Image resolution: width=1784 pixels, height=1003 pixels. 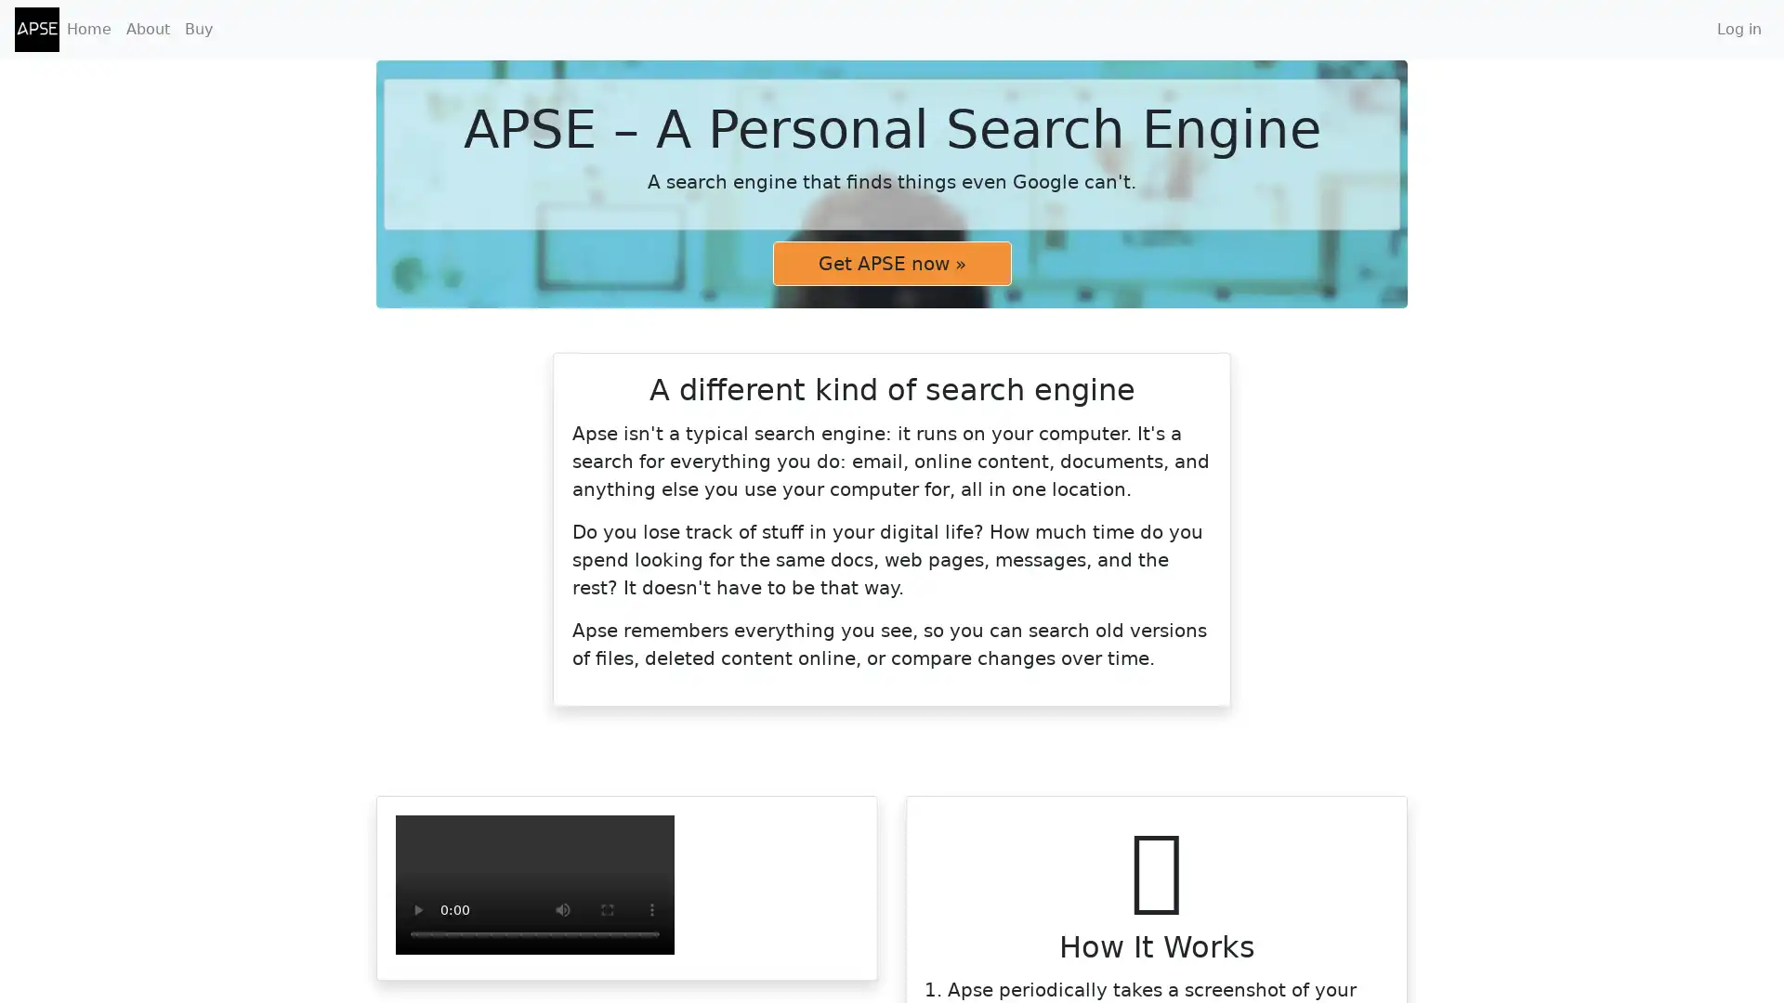 I want to click on show more media controls, so click(x=651, y=908).